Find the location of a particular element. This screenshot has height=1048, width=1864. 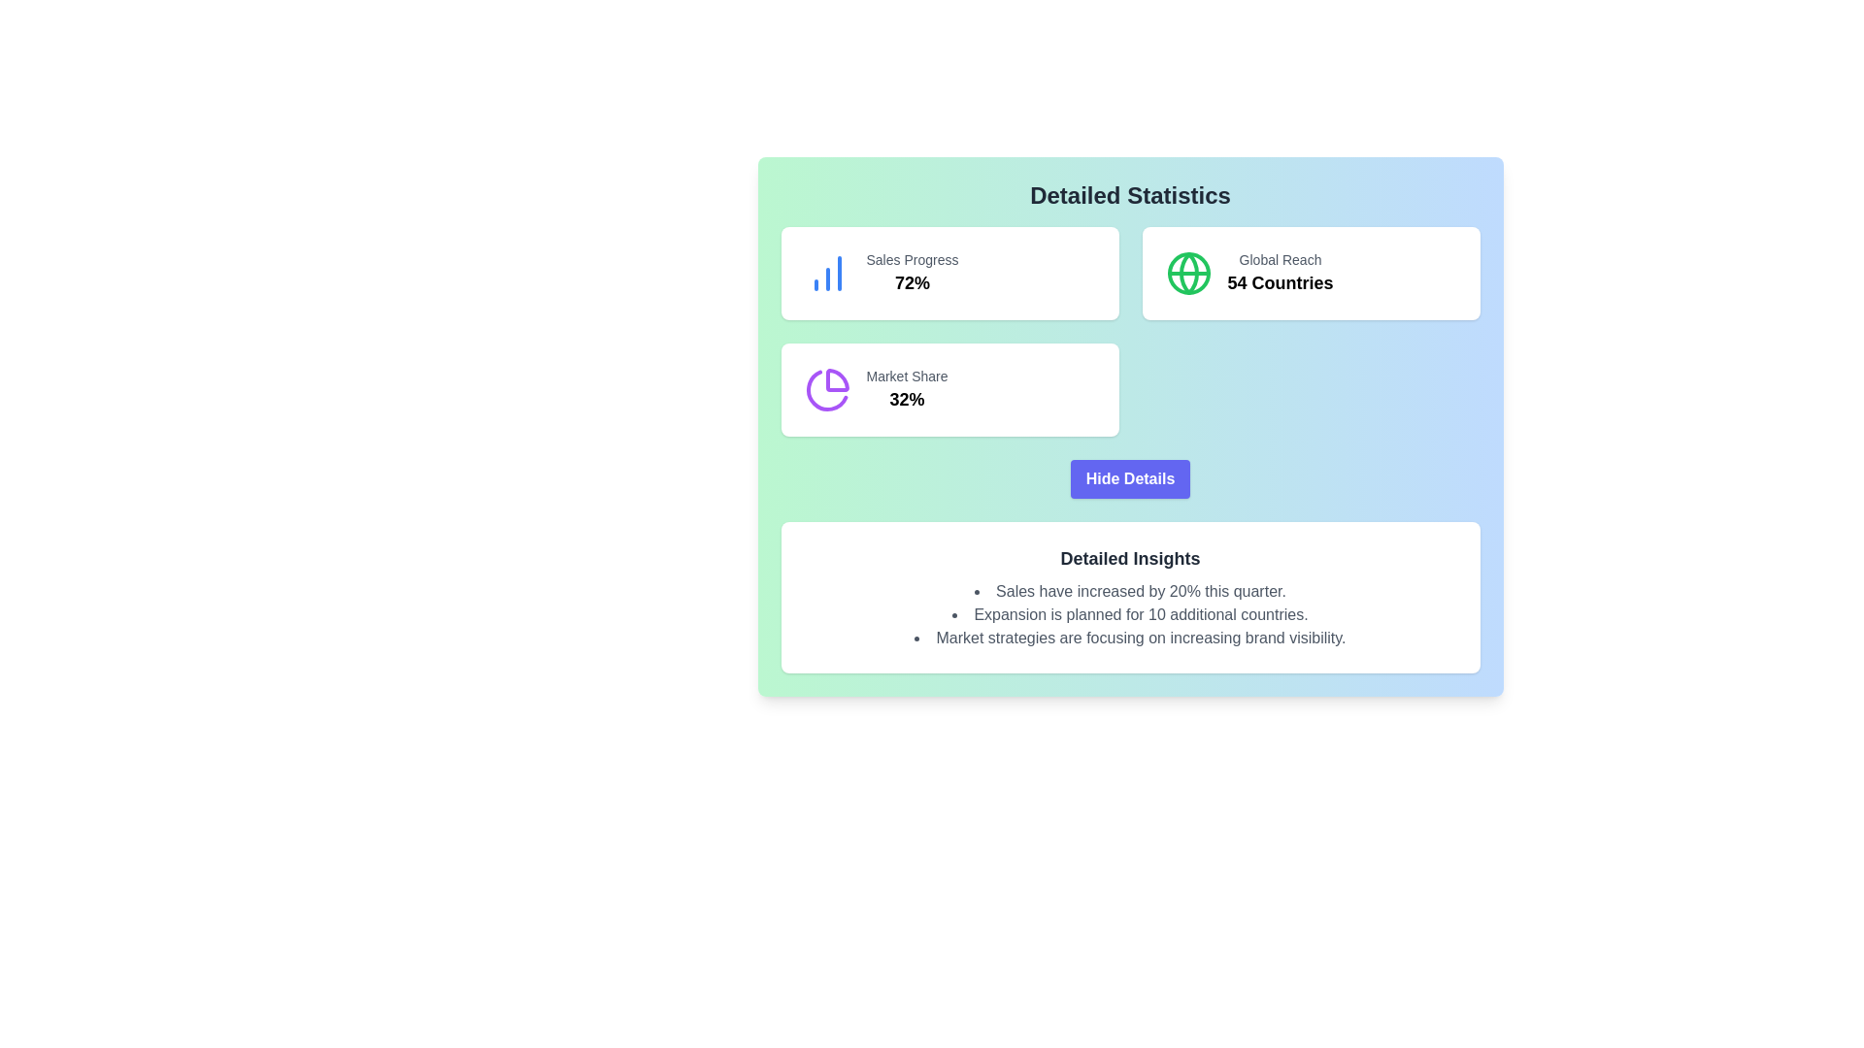

the 'Market Share' text label, which is styled in gray and serves as a descriptor for the bold percentage '32%' within its card layout is located at coordinates (906, 377).